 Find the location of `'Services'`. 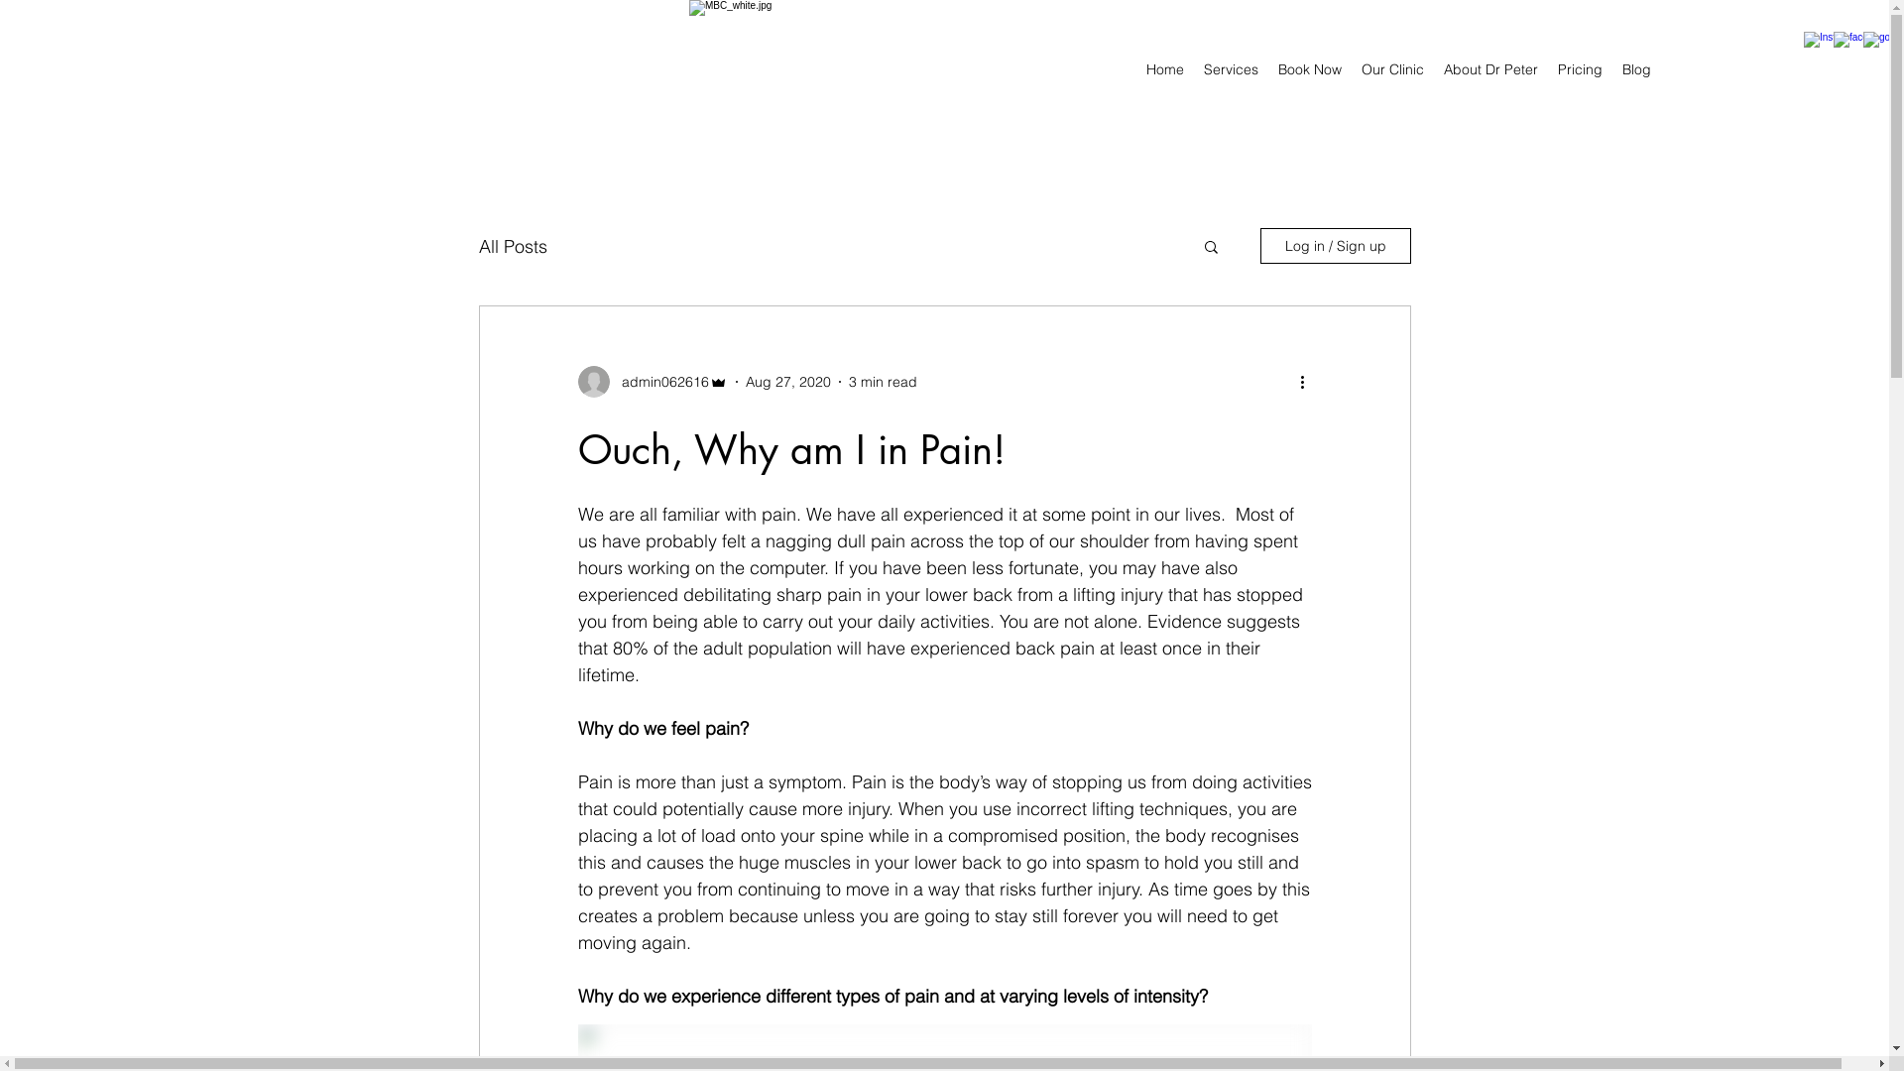

'Services' is located at coordinates (1193, 67).